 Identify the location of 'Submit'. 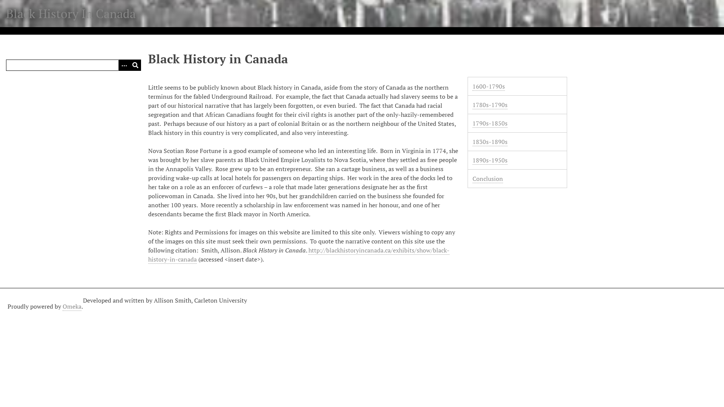
(135, 65).